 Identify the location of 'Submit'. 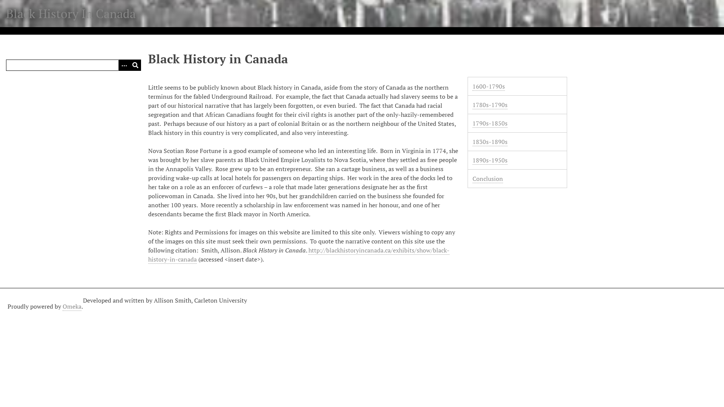
(135, 65).